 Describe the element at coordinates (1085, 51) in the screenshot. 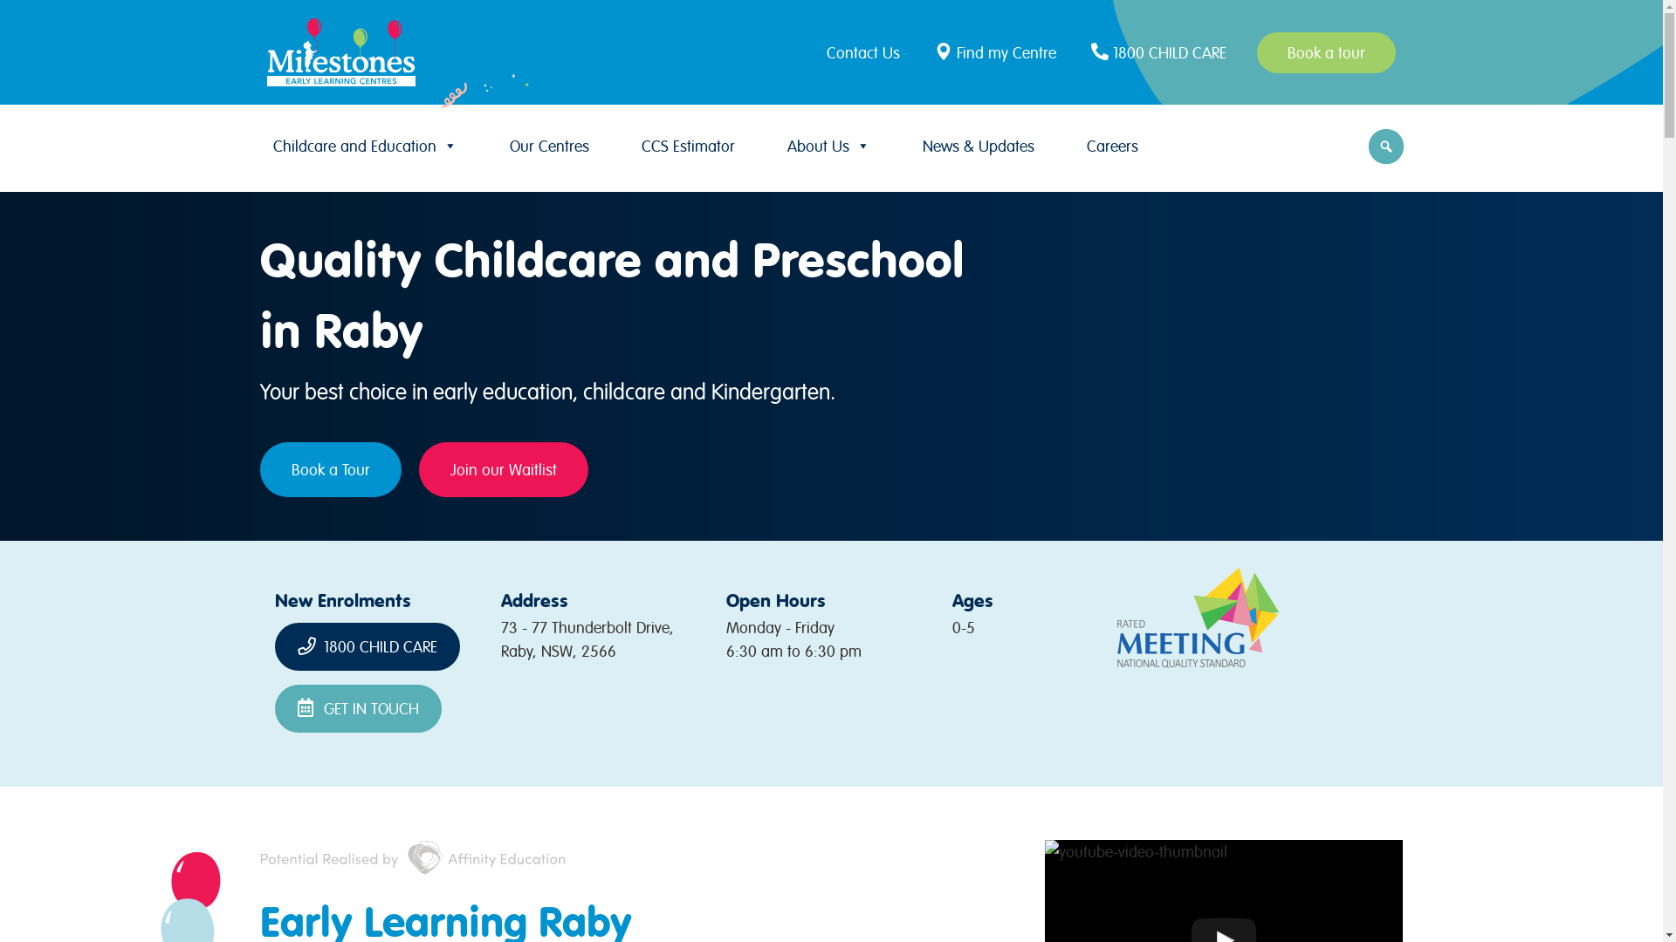

I see `'1800 CHILD CARE'` at that location.